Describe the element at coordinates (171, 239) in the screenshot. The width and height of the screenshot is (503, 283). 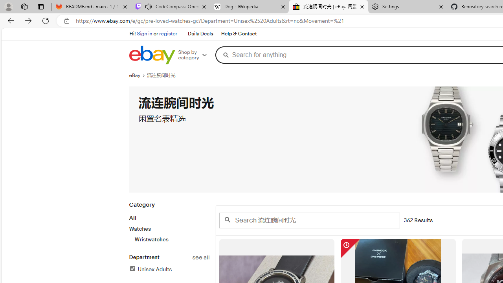
I see `'Wristwatches'` at that location.